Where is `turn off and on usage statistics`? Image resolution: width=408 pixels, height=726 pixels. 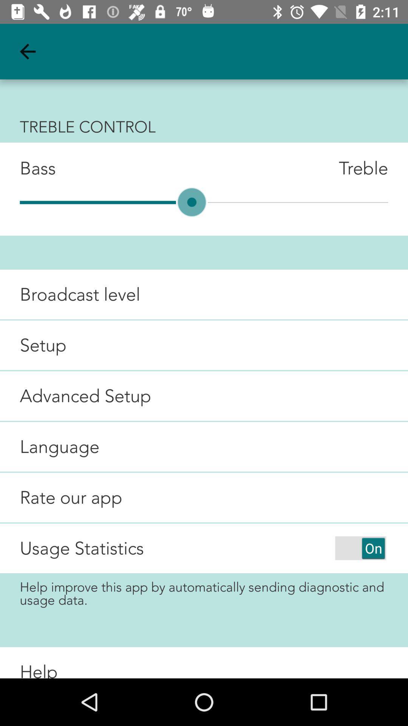 turn off and on usage statistics is located at coordinates (360, 548).